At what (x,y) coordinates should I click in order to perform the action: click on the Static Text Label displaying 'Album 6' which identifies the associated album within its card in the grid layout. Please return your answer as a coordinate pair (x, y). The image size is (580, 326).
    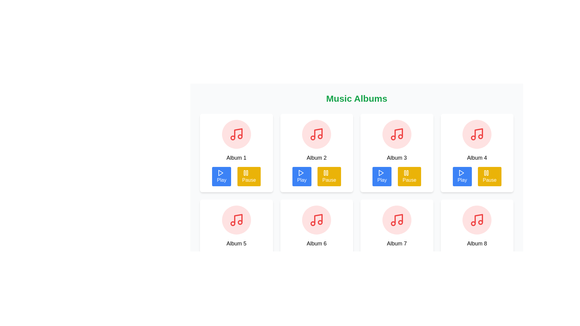
    Looking at the image, I should click on (316, 243).